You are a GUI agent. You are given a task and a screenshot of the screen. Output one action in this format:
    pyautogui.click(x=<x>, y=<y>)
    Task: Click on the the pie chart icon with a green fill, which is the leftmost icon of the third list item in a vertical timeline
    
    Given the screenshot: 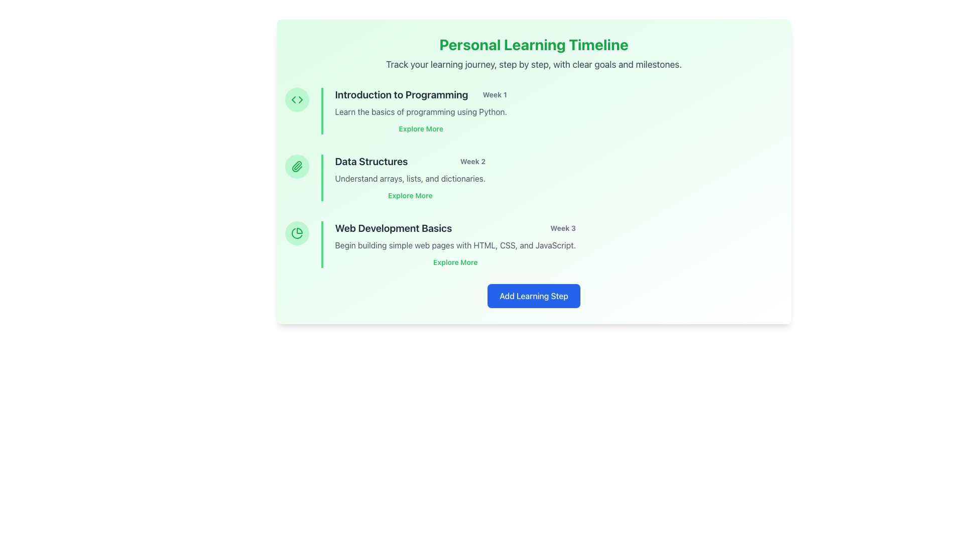 What is the action you would take?
    pyautogui.click(x=299, y=230)
    